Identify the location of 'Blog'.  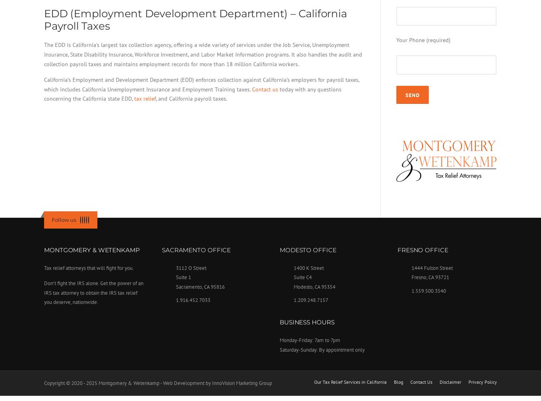
(398, 381).